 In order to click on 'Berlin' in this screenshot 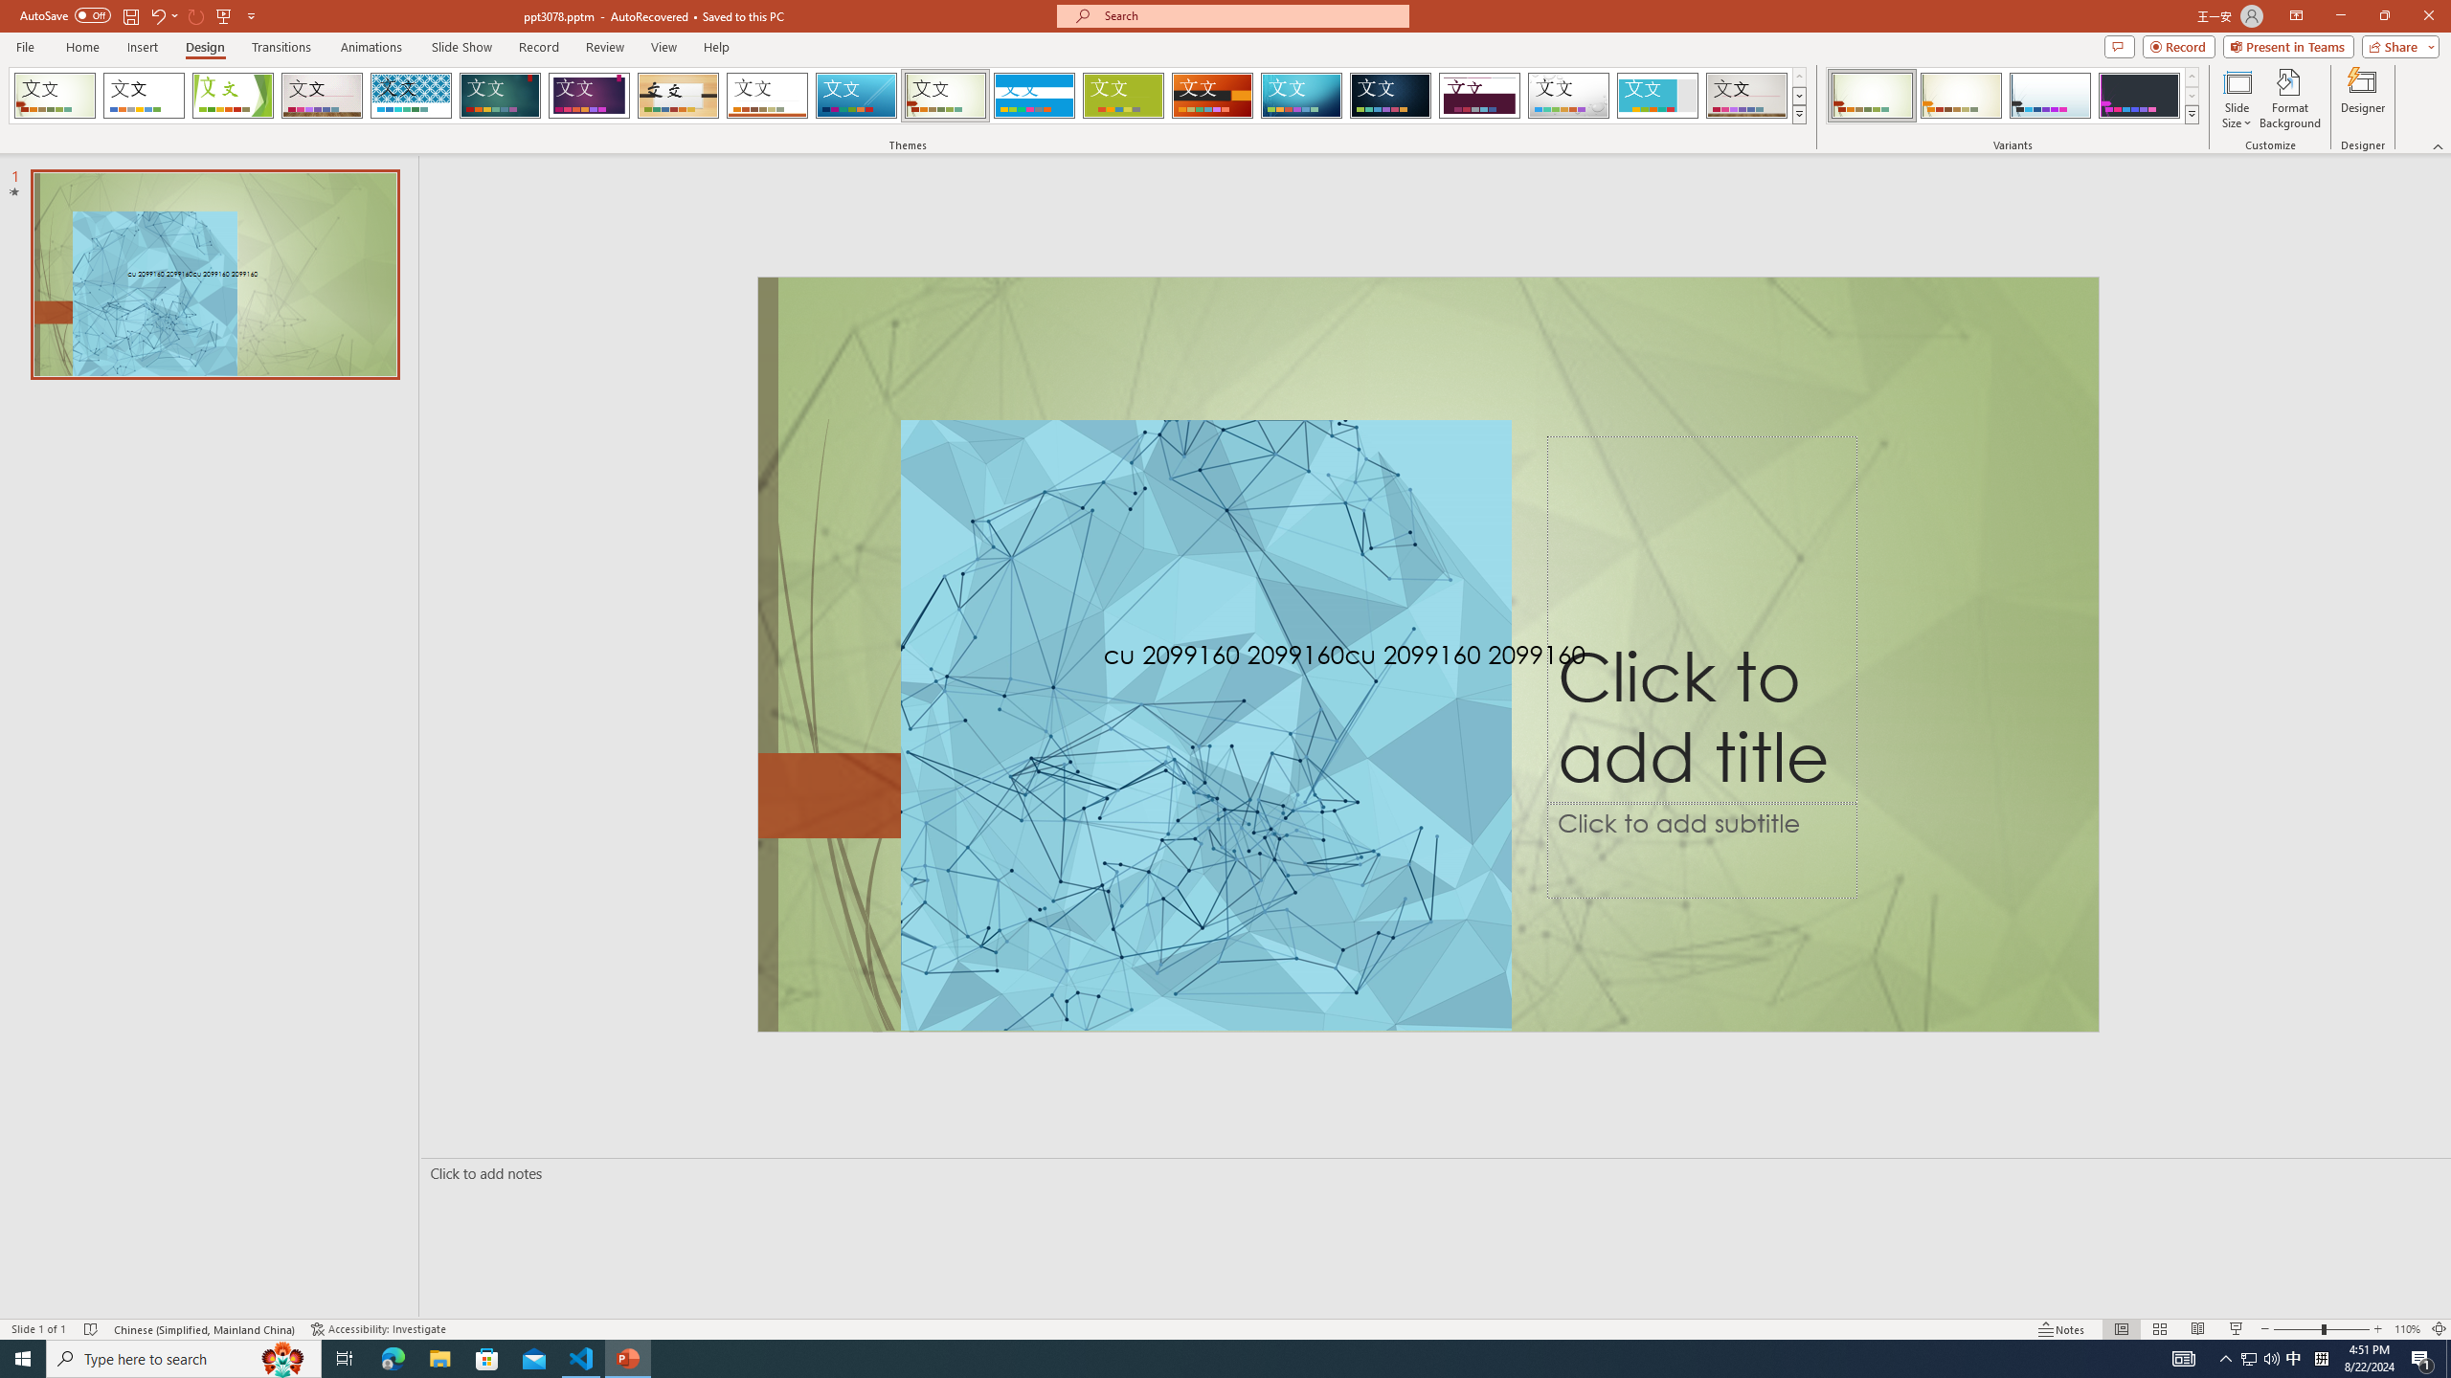, I will do `click(1213, 95)`.